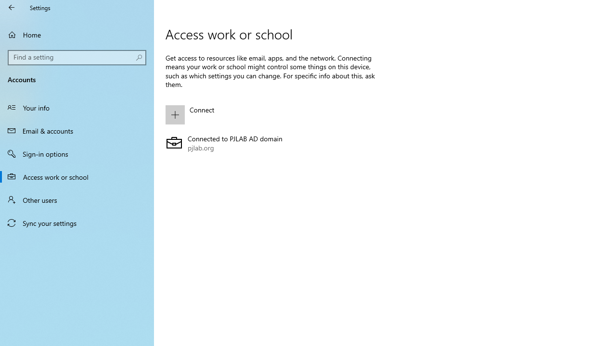 This screenshot has height=346, width=616. I want to click on 'Sign-in options', so click(77, 153).